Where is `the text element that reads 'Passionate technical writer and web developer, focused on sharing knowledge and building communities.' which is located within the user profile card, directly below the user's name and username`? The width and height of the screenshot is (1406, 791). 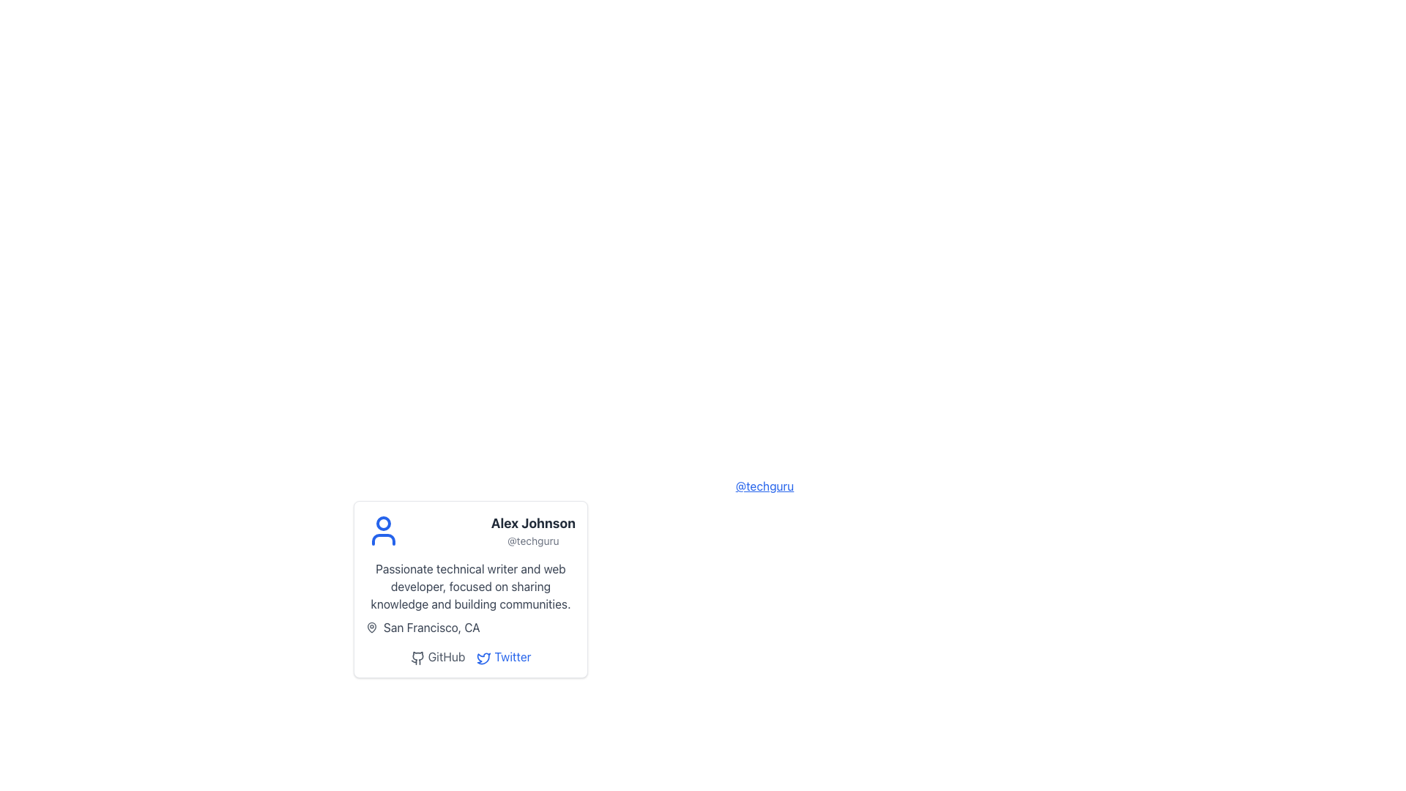 the text element that reads 'Passionate technical writer and web developer, focused on sharing knowledge and building communities.' which is located within the user profile card, directly below the user's name and username is located at coordinates (471, 586).